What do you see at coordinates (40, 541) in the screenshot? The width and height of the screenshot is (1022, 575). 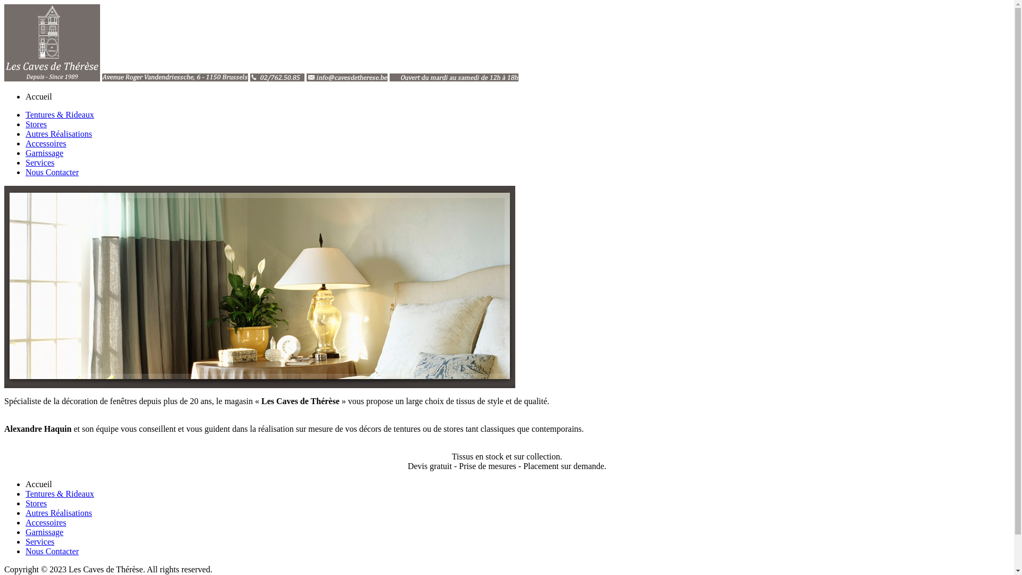 I see `'Services'` at bounding box center [40, 541].